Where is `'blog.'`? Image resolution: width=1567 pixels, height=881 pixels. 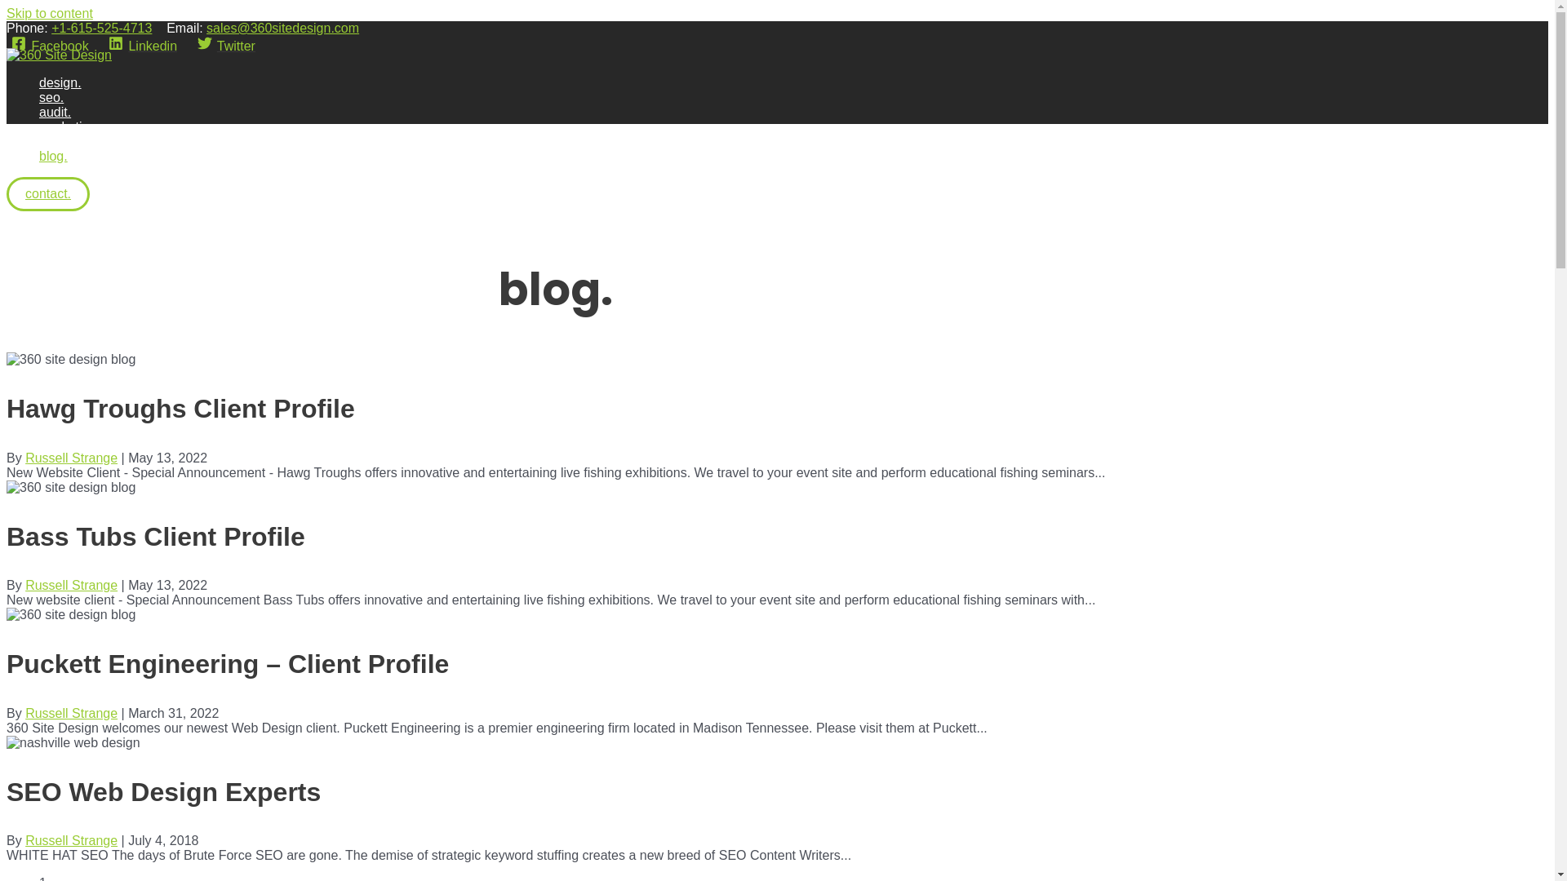 'blog.' is located at coordinates (70, 157).